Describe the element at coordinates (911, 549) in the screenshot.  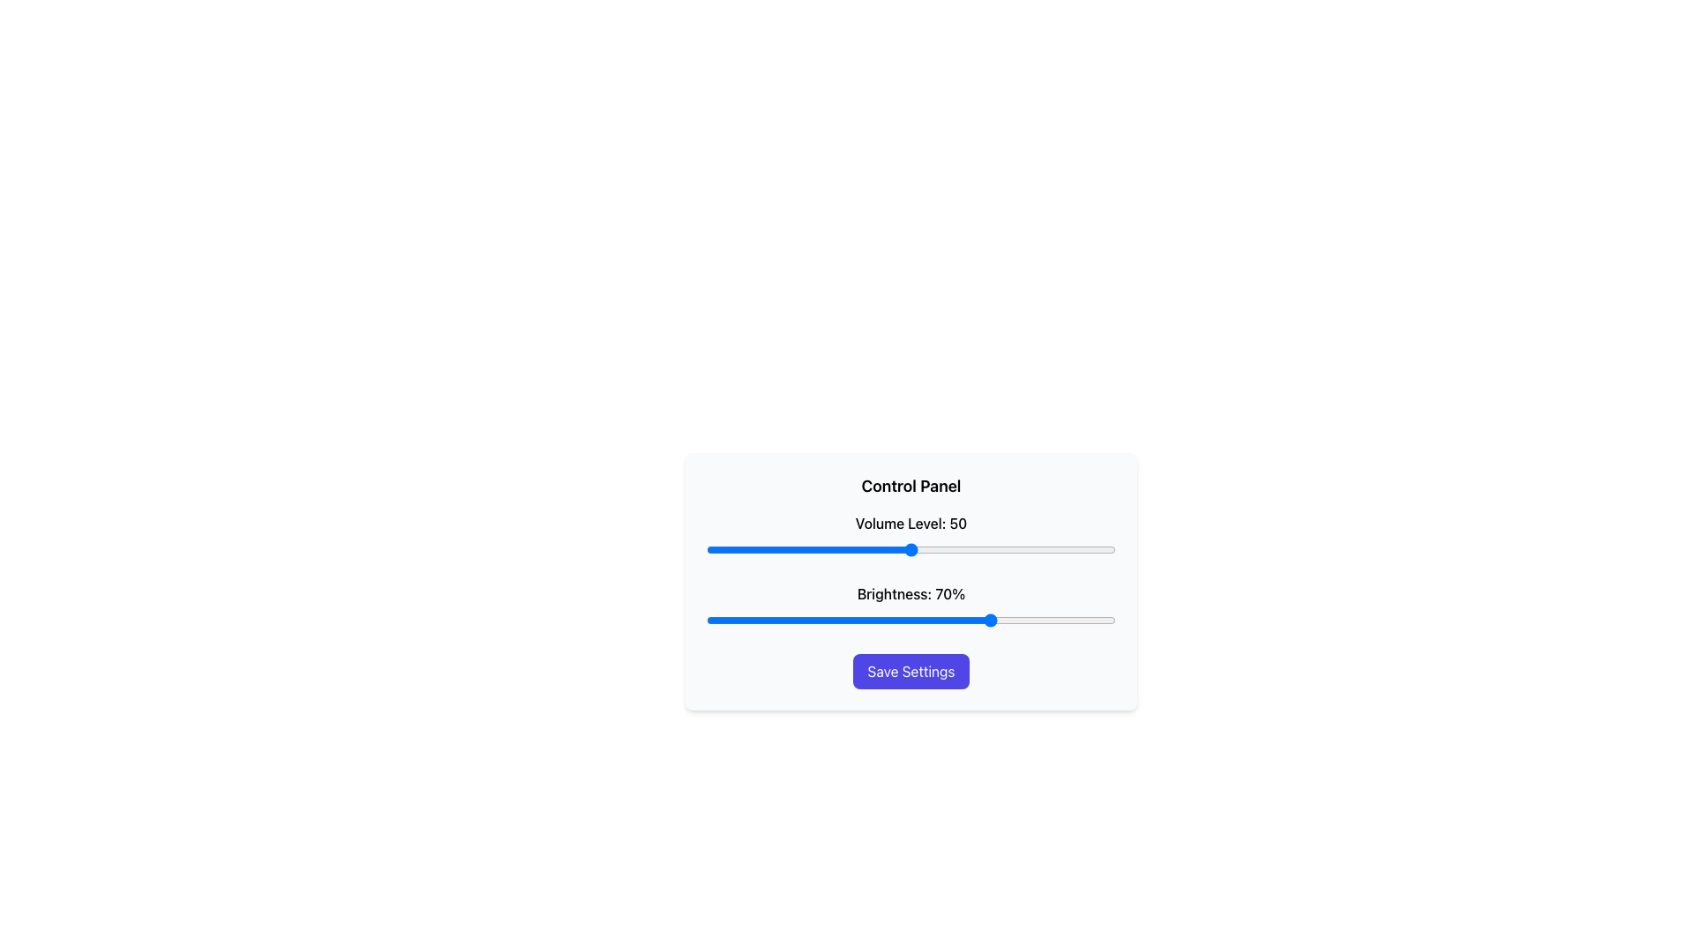
I see `the volume level range slider located below the label 'Volume Level: 50' in the 'Control Panel' to potentially display a tooltip` at that location.